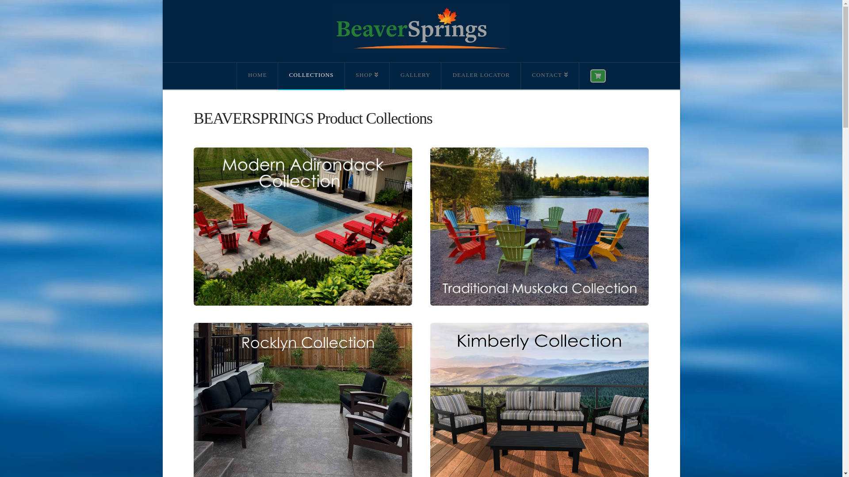 The height and width of the screenshot is (477, 849). I want to click on 'COLLECTIONS', so click(311, 76).